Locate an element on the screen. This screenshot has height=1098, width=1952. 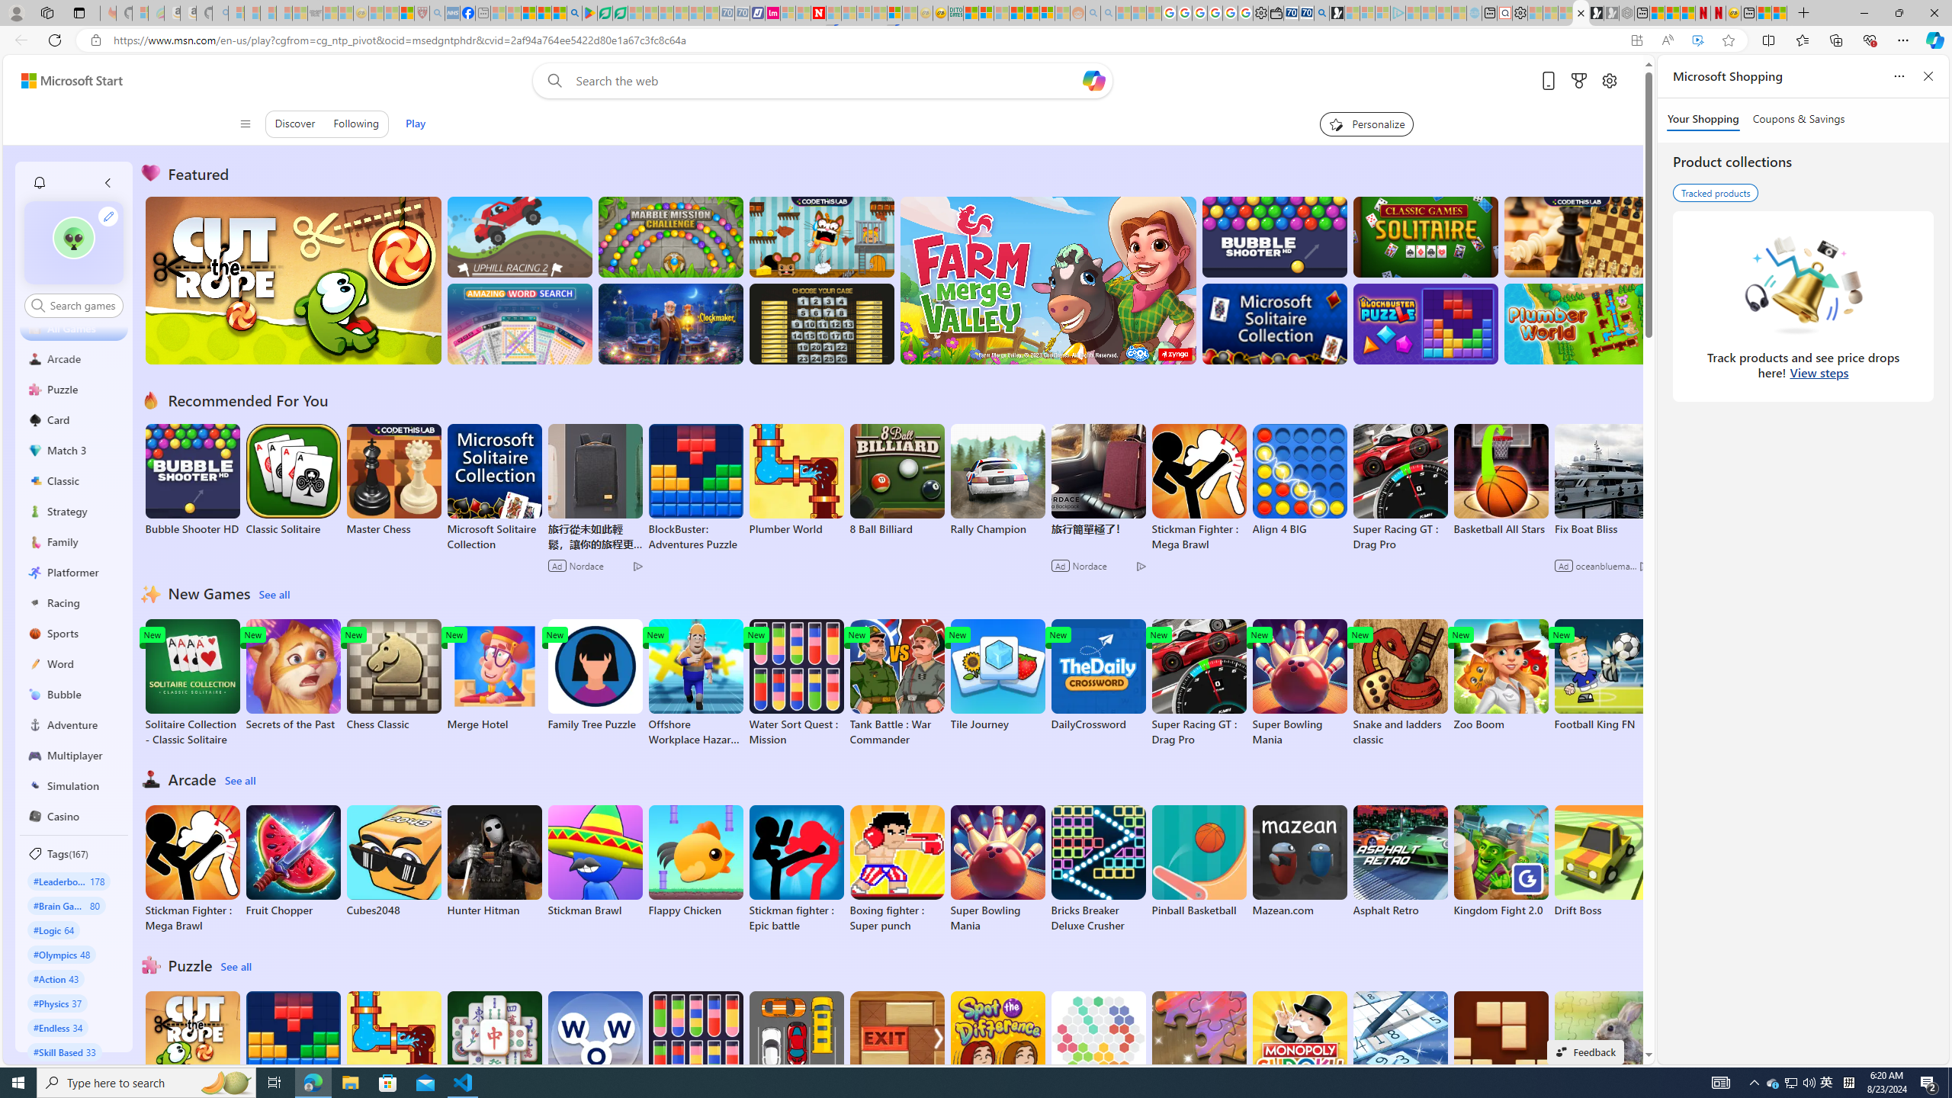
'#Leaderboard 178' is located at coordinates (68, 880).